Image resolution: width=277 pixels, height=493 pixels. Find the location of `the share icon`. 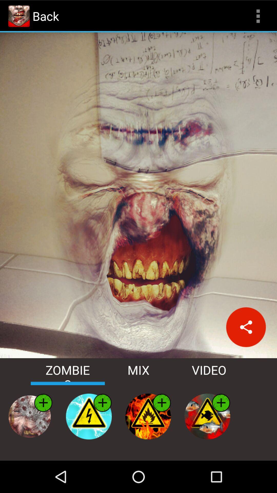

the share icon is located at coordinates (246, 350).